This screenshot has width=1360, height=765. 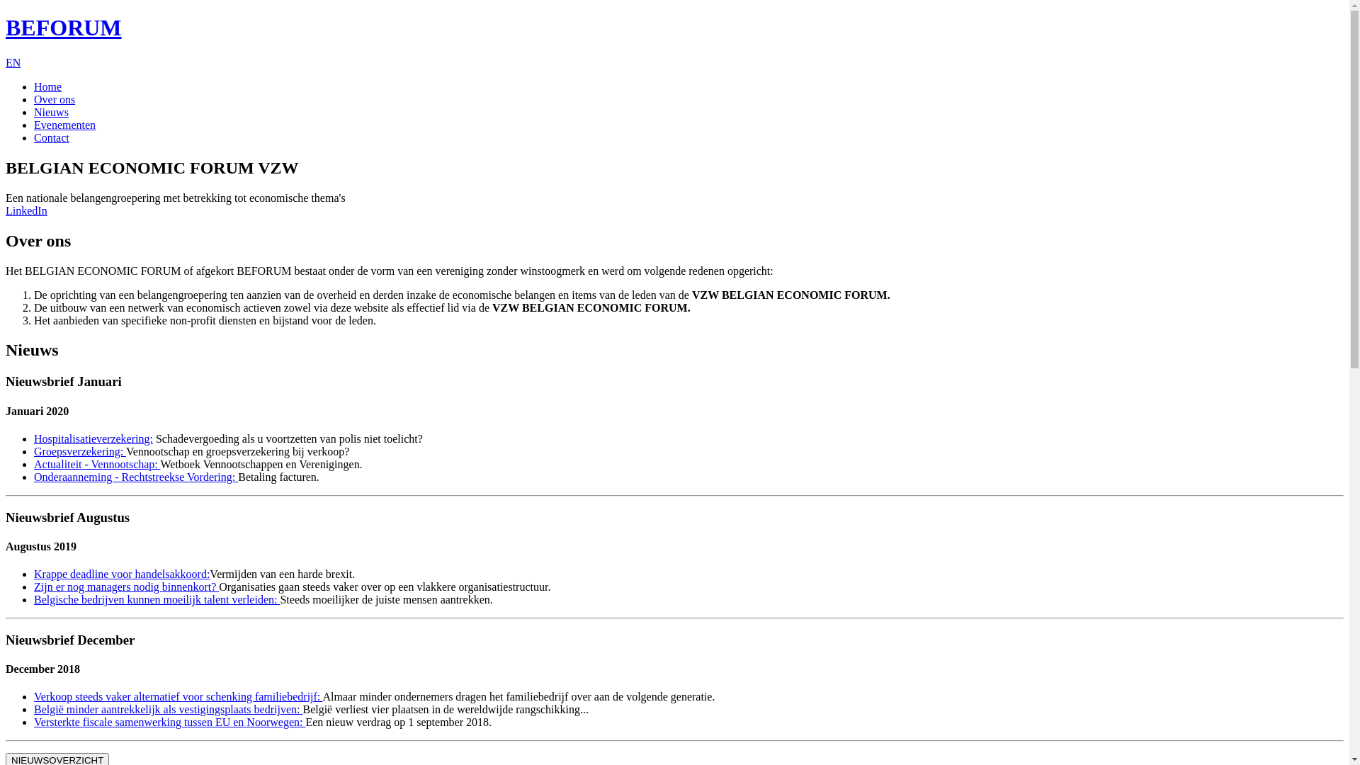 What do you see at coordinates (54, 98) in the screenshot?
I see `'Over ons'` at bounding box center [54, 98].